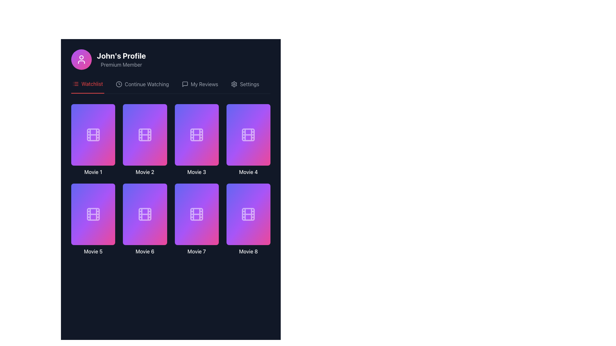  Describe the element at coordinates (144, 134) in the screenshot. I see `the interactive card representing a movie in the 'Watchlist' section, located in the second column of the first row, between 'Movie 1' and 'Movie 3'` at that location.